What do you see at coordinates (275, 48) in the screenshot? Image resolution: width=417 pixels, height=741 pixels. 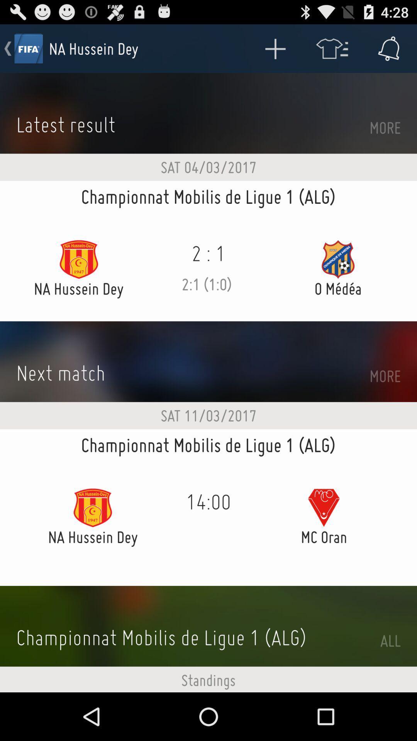 I see `the app to the right of the na hussein dey` at bounding box center [275, 48].